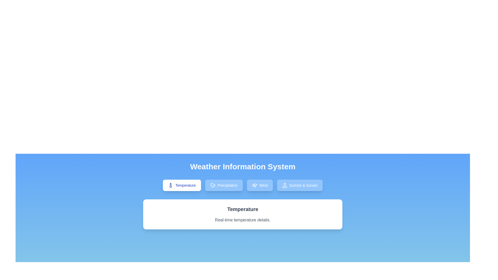 This screenshot has width=498, height=280. What do you see at coordinates (260, 185) in the screenshot?
I see `the Wind tab by clicking the corresponding button` at bounding box center [260, 185].